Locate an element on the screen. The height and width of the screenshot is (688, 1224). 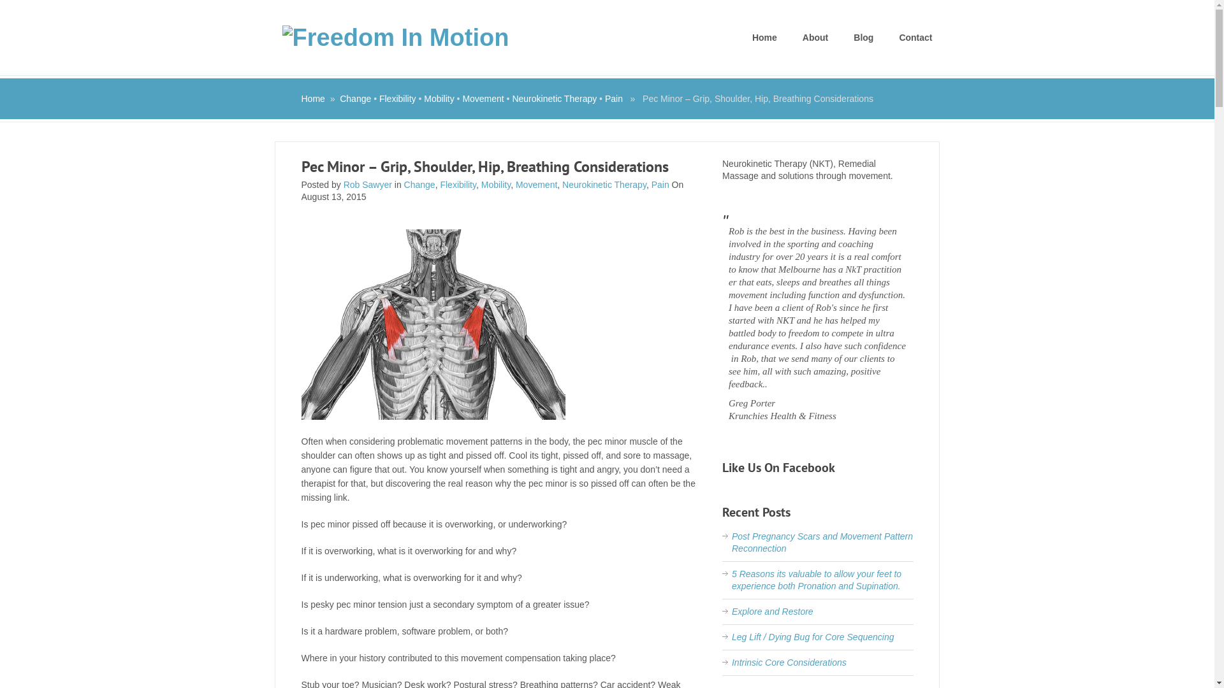
'Blog' is located at coordinates (863, 37).